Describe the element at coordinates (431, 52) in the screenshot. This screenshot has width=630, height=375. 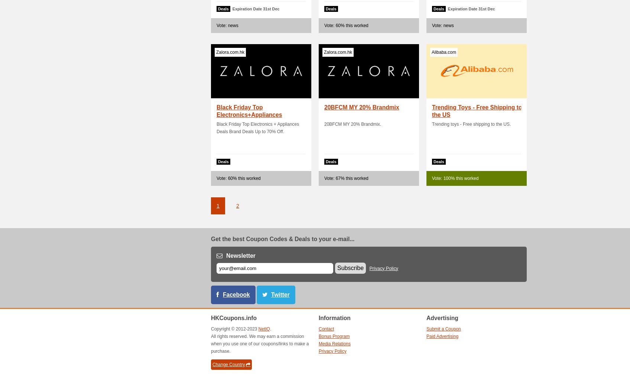
I see `'Alibaba.com'` at that location.